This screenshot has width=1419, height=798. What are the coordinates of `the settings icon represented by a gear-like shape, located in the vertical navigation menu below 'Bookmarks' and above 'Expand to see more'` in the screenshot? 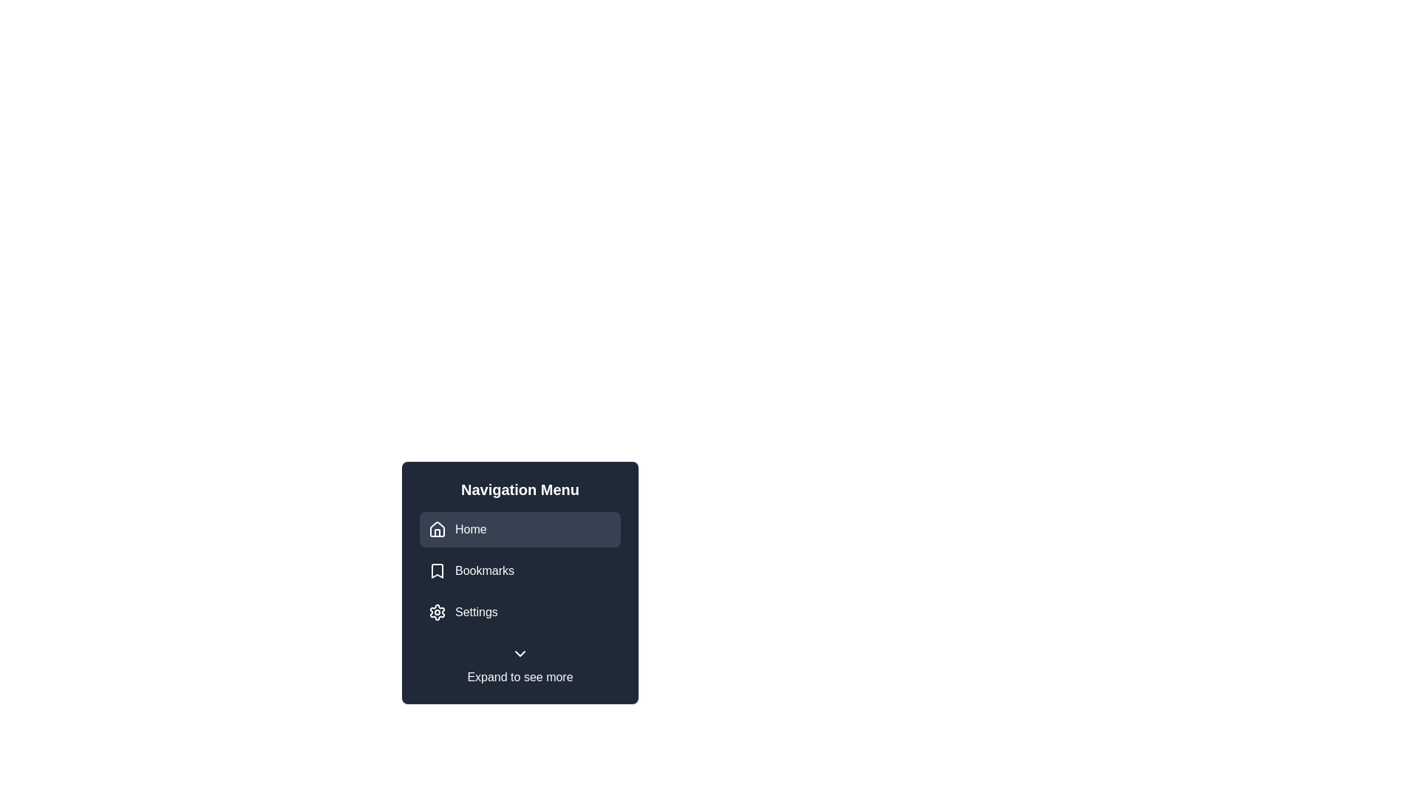 It's located at (436, 613).